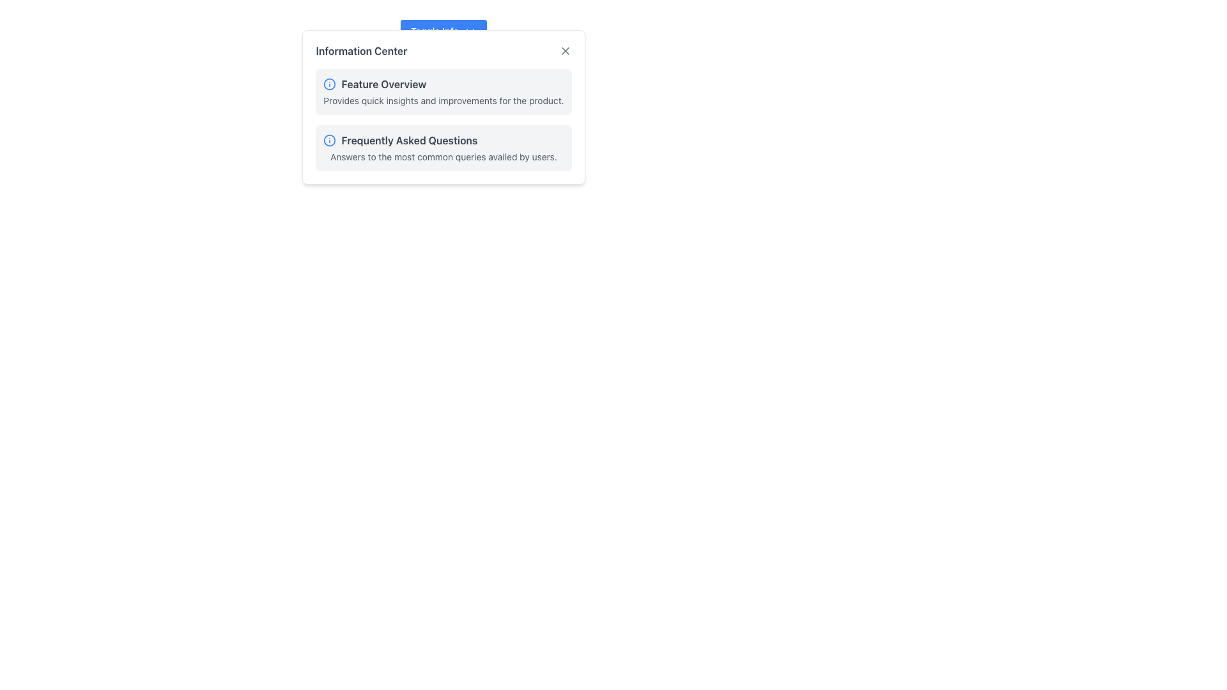 This screenshot has height=690, width=1227. I want to click on text of the 'Frequently Asked Questions' label with an icon, located in the second row beneath the 'Feature Overview' label in the 'Information Center' interface, so click(444, 140).